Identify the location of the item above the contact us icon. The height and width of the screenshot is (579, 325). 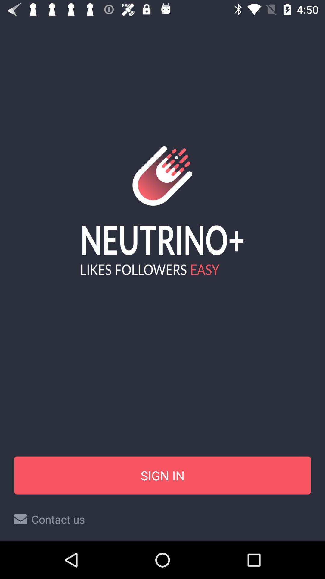
(162, 475).